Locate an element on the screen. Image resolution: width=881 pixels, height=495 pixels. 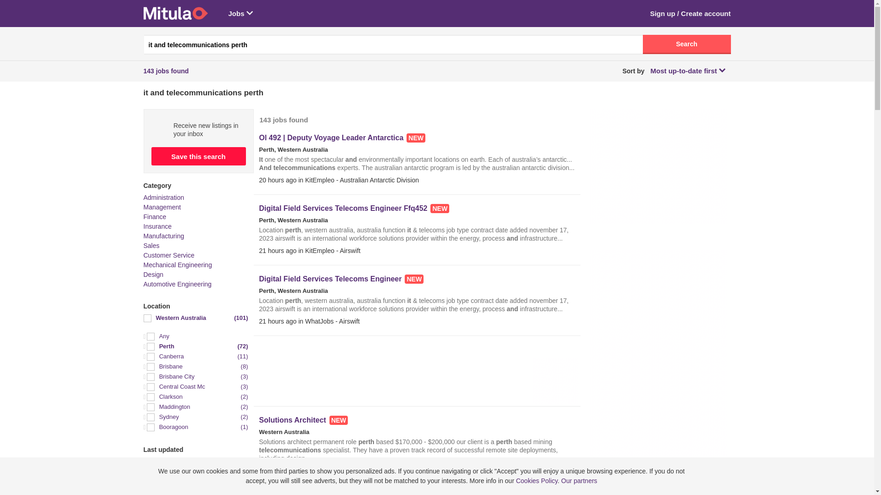
'Automotive Engineering' is located at coordinates (177, 284).